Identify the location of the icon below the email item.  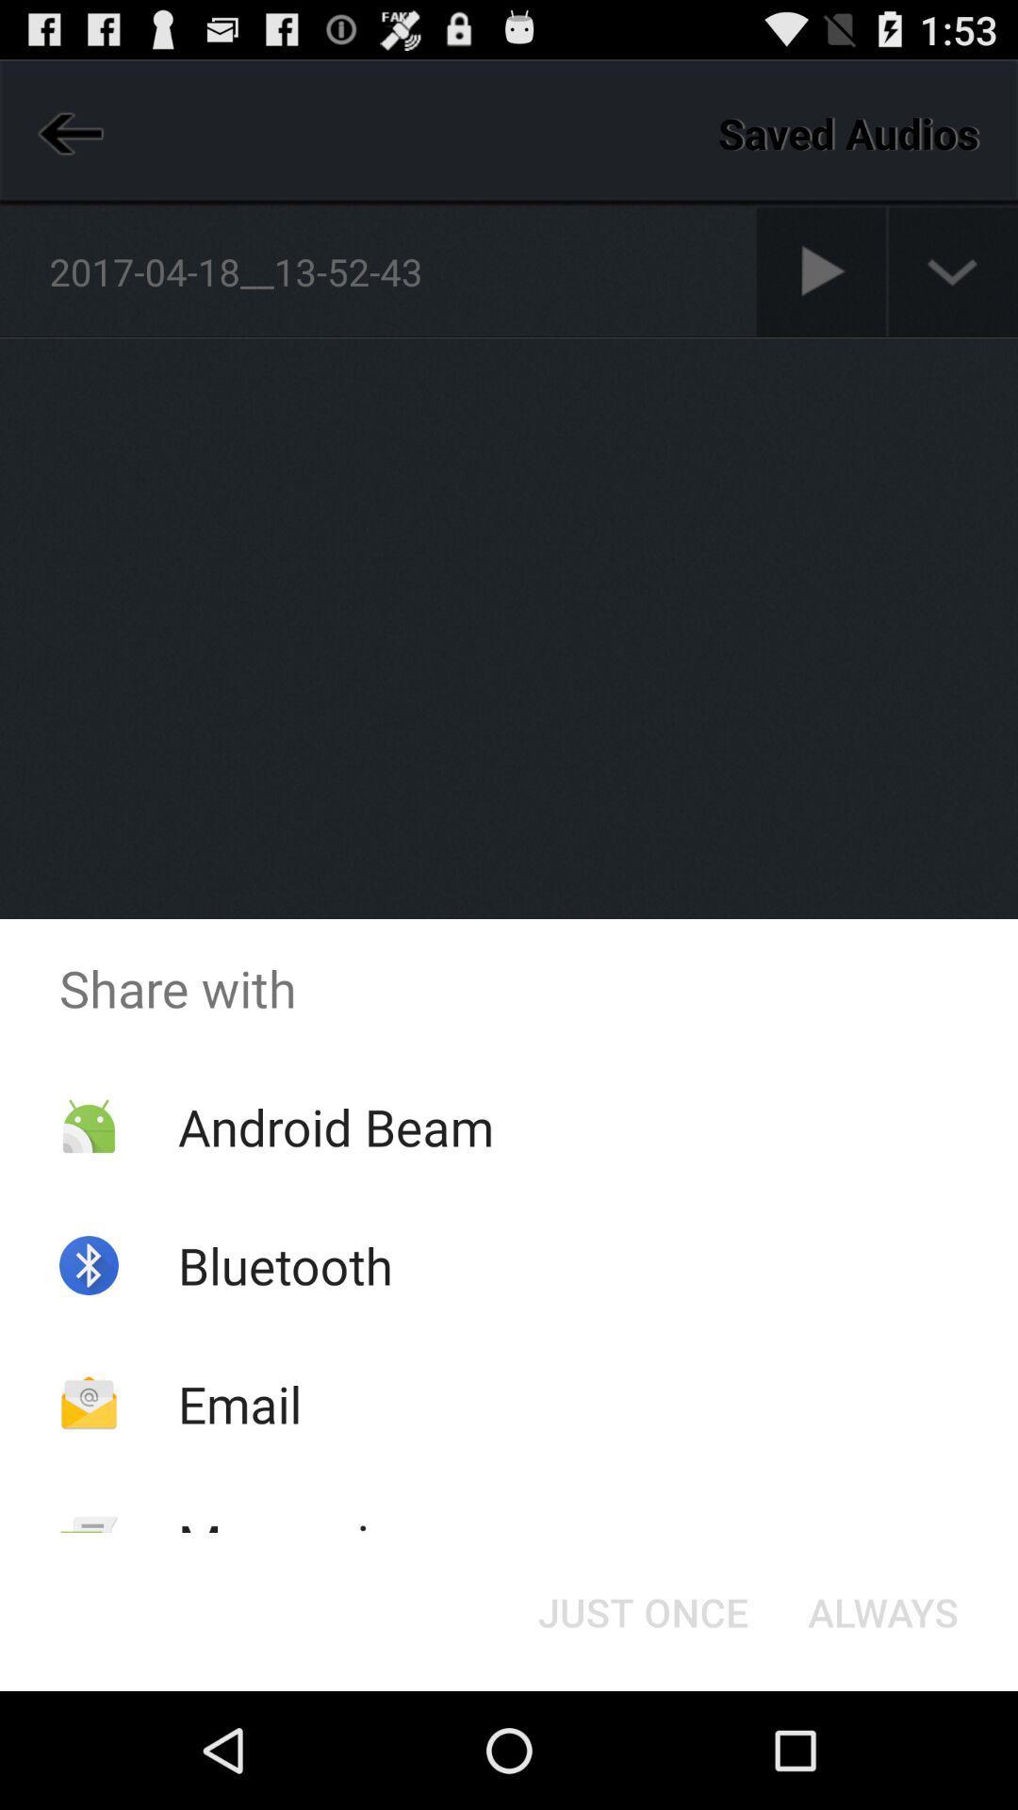
(300, 1542).